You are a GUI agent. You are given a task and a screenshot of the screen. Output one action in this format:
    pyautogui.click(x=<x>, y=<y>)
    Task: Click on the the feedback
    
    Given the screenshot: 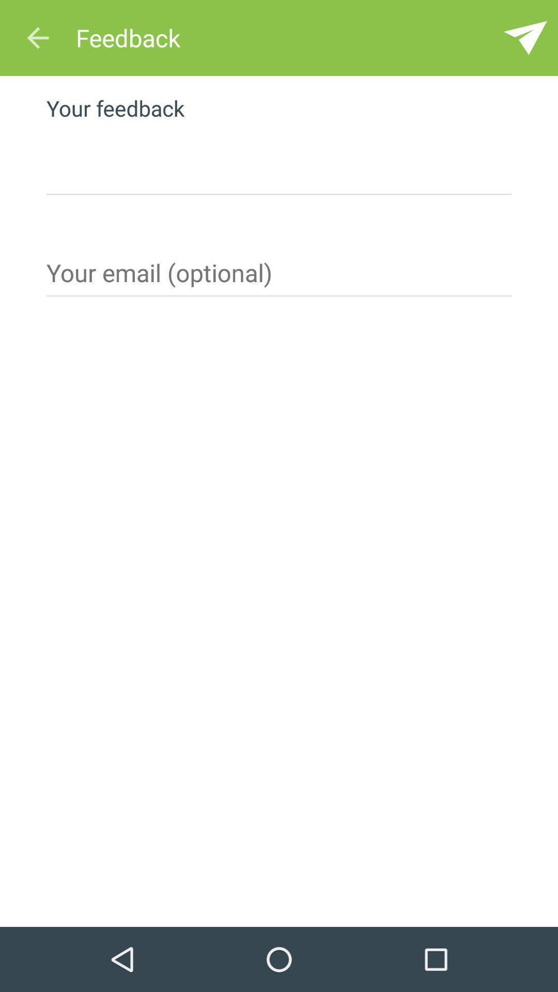 What is the action you would take?
    pyautogui.click(x=279, y=160)
    